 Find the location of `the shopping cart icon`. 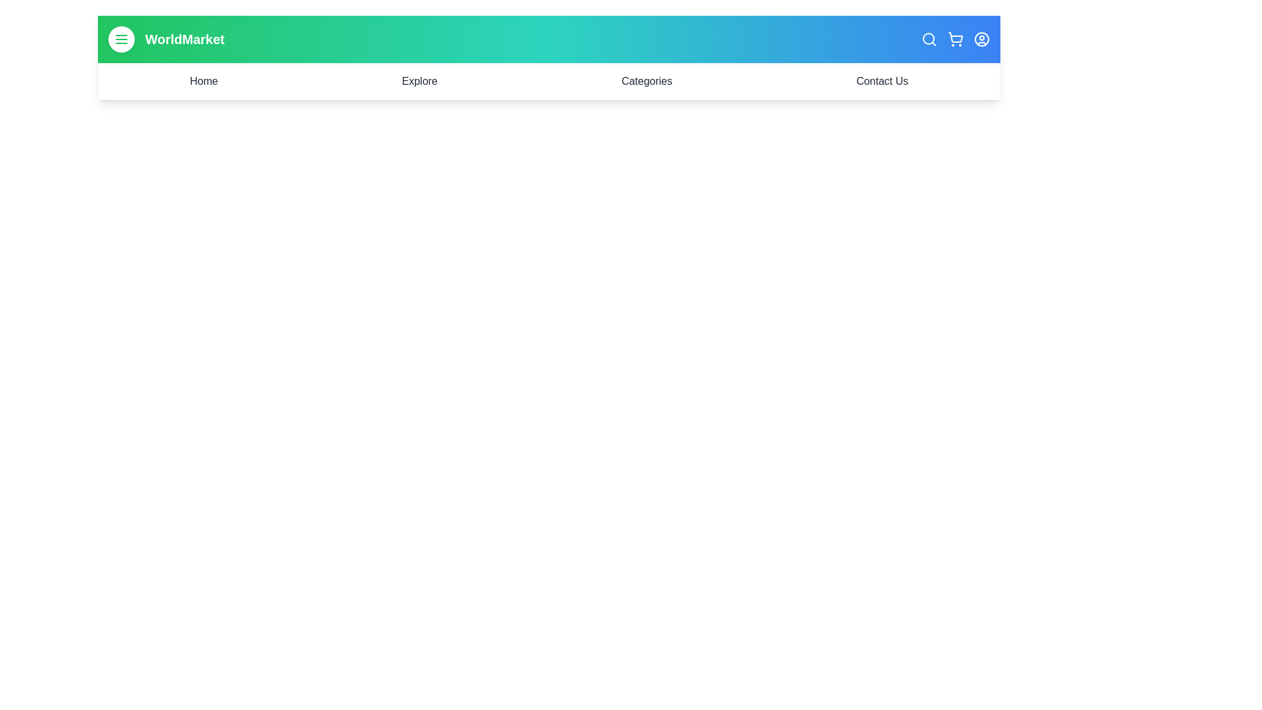

the shopping cart icon is located at coordinates (956, 39).